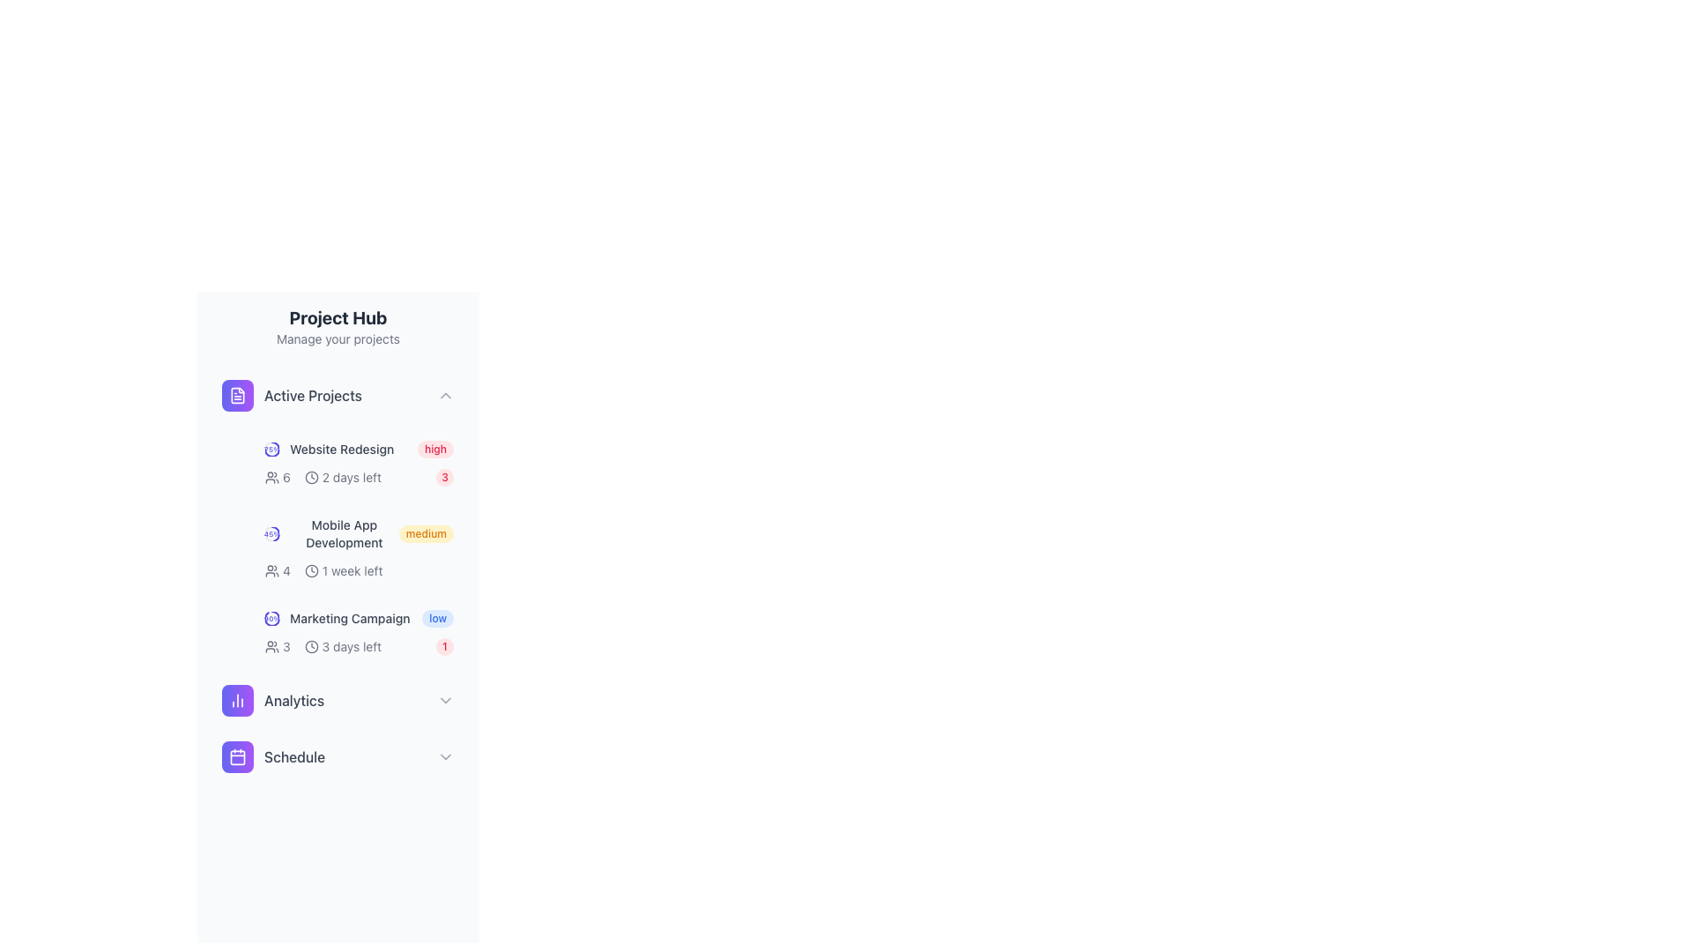 This screenshot has height=952, width=1692. Describe the element at coordinates (344, 571) in the screenshot. I see `the UI label that indicates the time remaining for a specific task within the 'Mobile App Development' project section, which is the second prominent textual label below the project name and member count` at that location.